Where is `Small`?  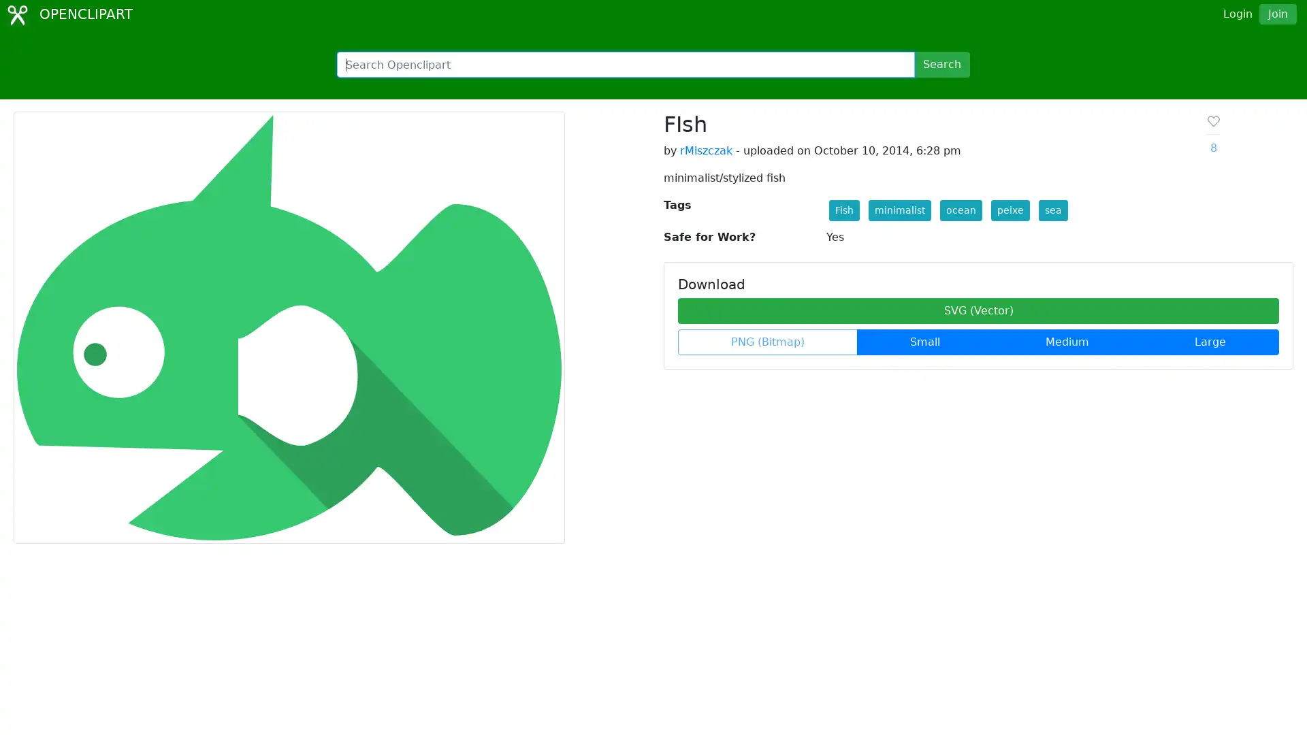 Small is located at coordinates (924, 341).